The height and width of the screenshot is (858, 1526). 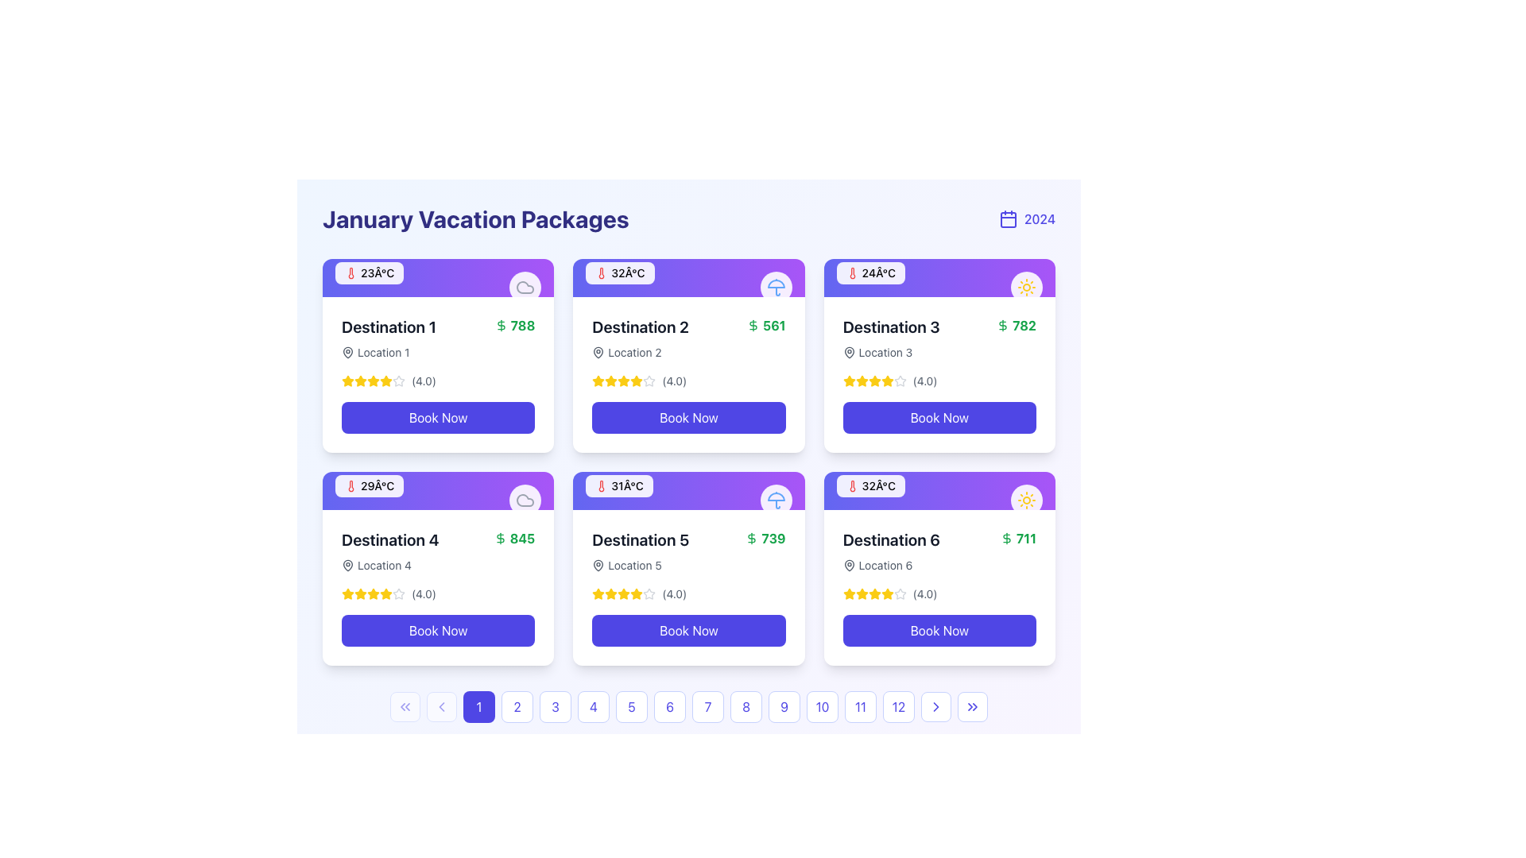 What do you see at coordinates (556, 706) in the screenshot?
I see `the third button in the pagination bar to observe potential hover effects` at bounding box center [556, 706].